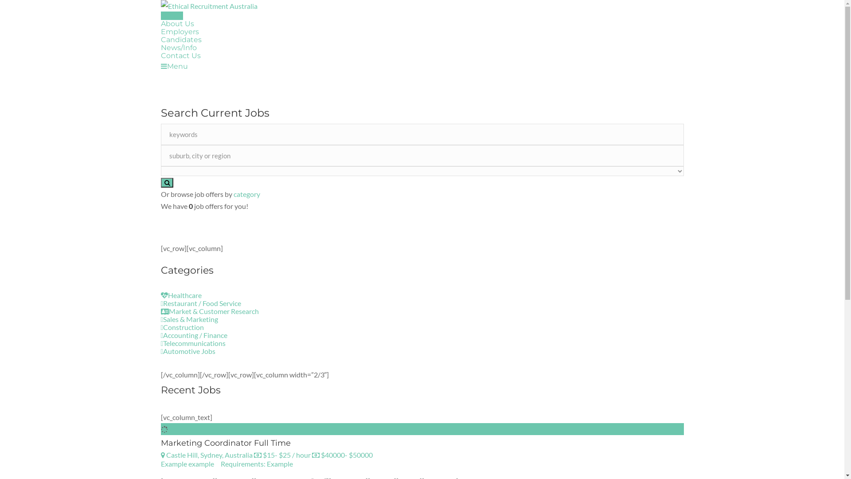 Image resolution: width=851 pixels, height=479 pixels. What do you see at coordinates (160, 66) in the screenshot?
I see `'Menu'` at bounding box center [160, 66].